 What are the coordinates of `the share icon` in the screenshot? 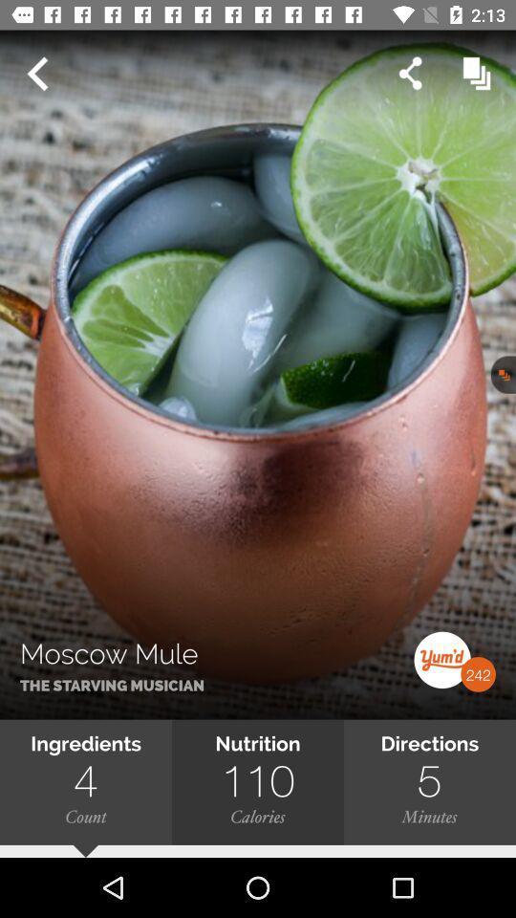 It's located at (409, 74).